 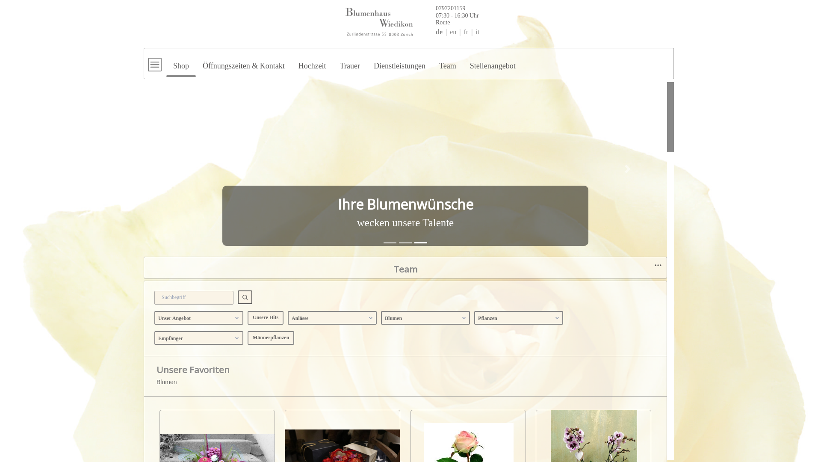 I want to click on 'Route', so click(x=405, y=21).